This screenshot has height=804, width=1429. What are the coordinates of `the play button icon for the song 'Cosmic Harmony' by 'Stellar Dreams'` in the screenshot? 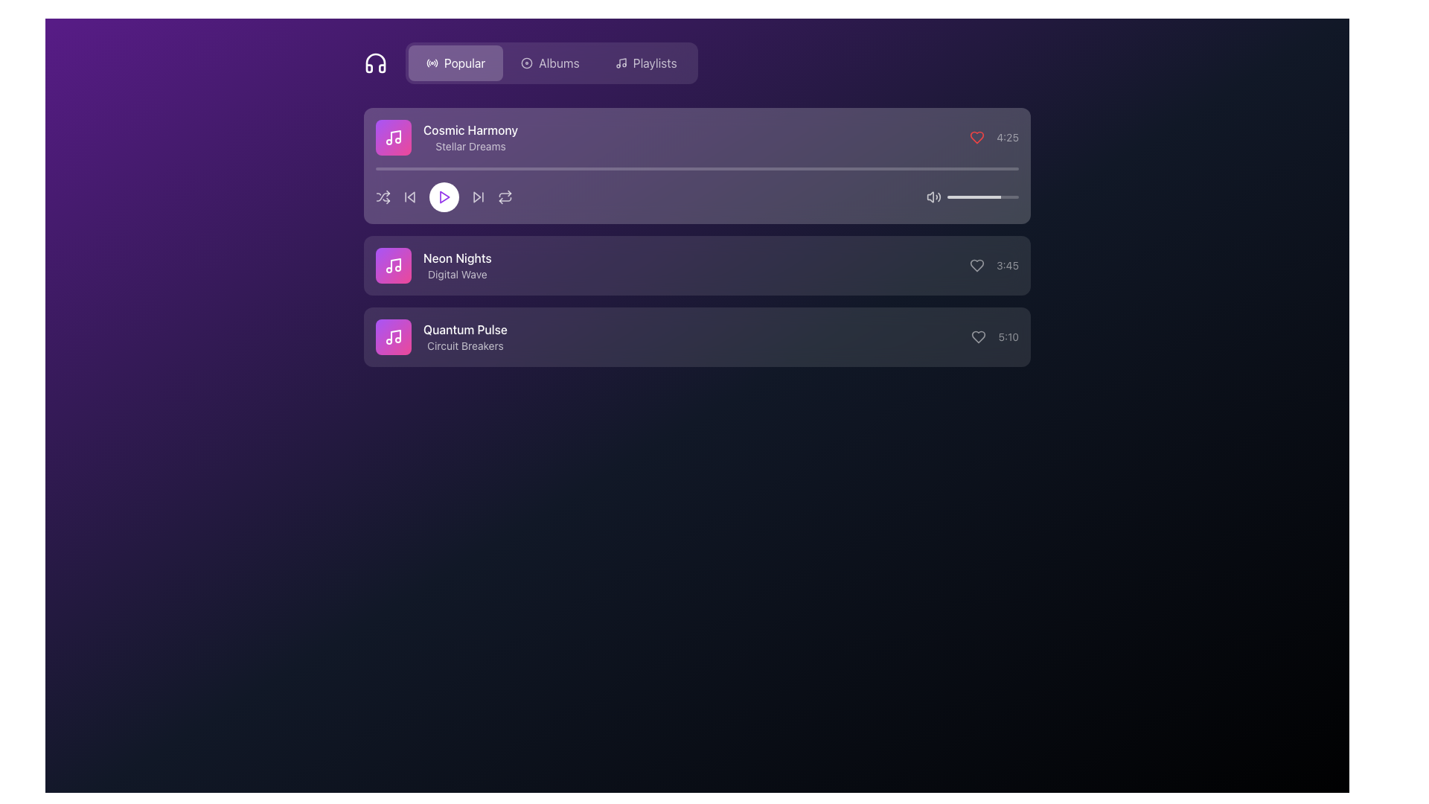 It's located at (444, 197).